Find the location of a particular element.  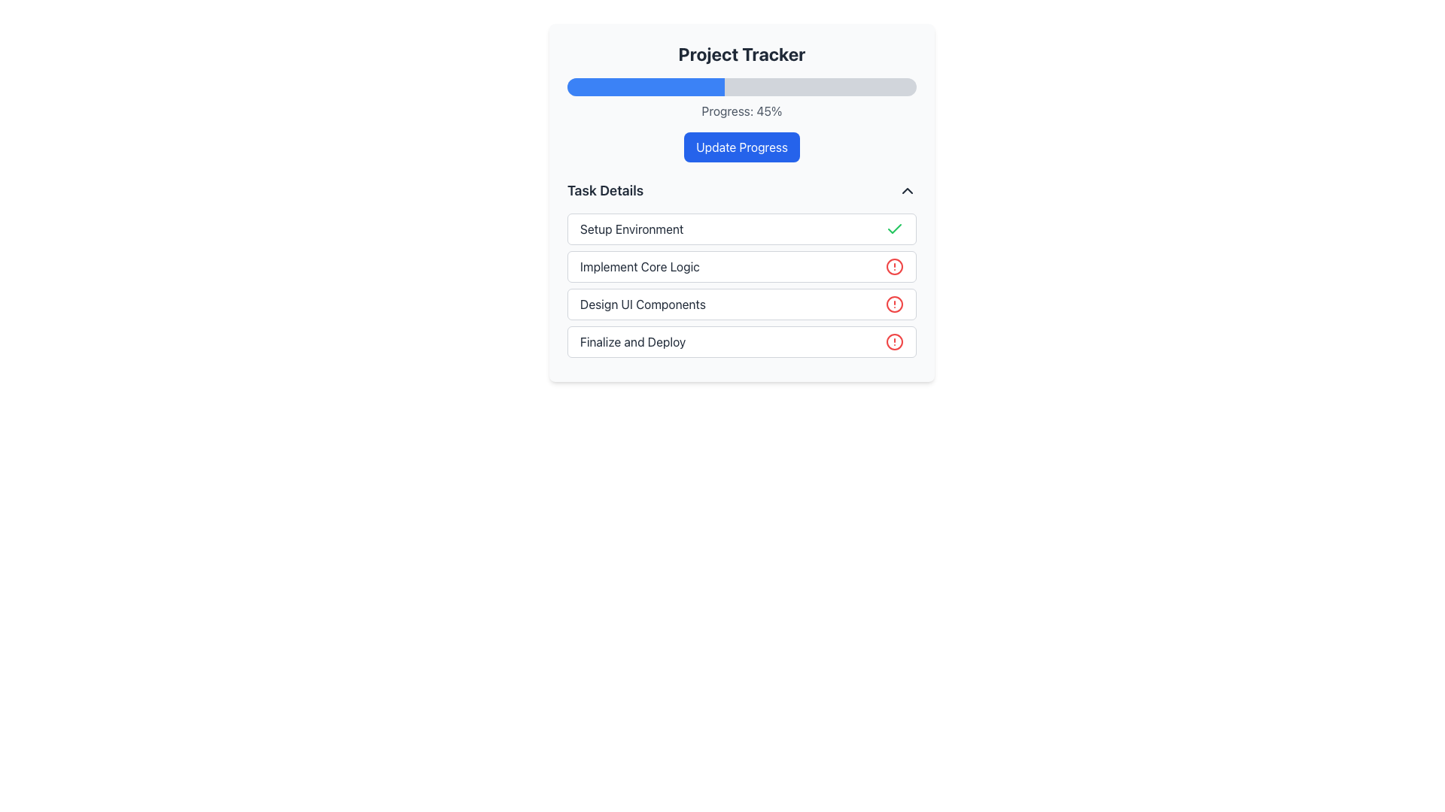

the warning icon located at the right end of the 'Implement Core Logic' list item in the 'Task Details' section is located at coordinates (895, 265).